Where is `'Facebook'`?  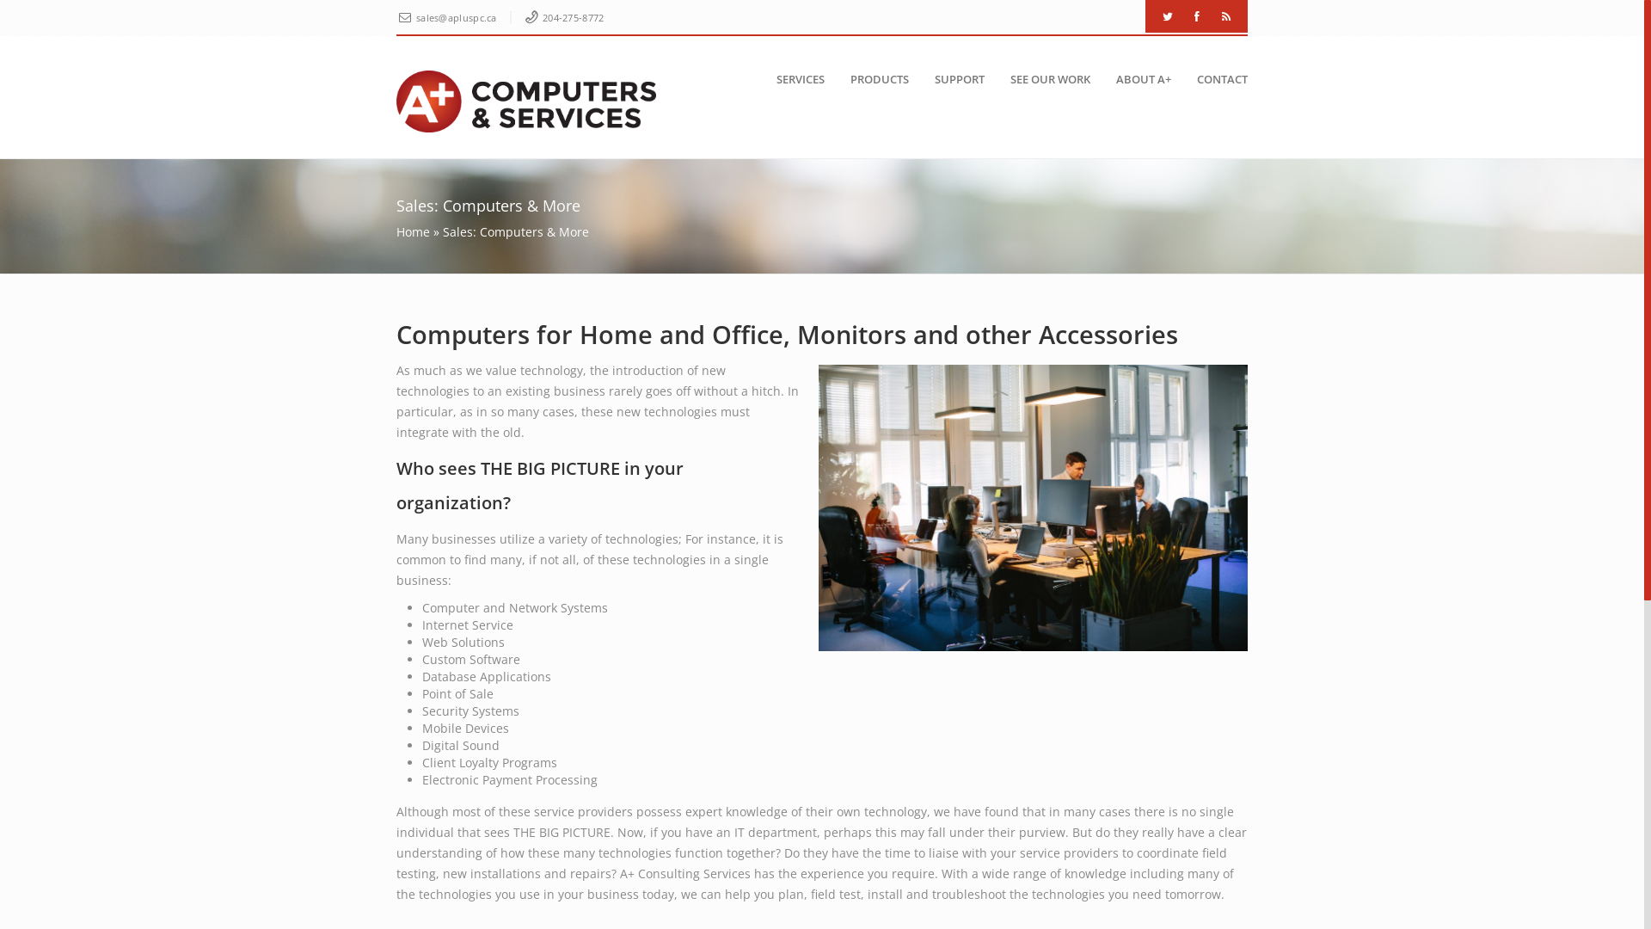
'Facebook' is located at coordinates (1196, 16).